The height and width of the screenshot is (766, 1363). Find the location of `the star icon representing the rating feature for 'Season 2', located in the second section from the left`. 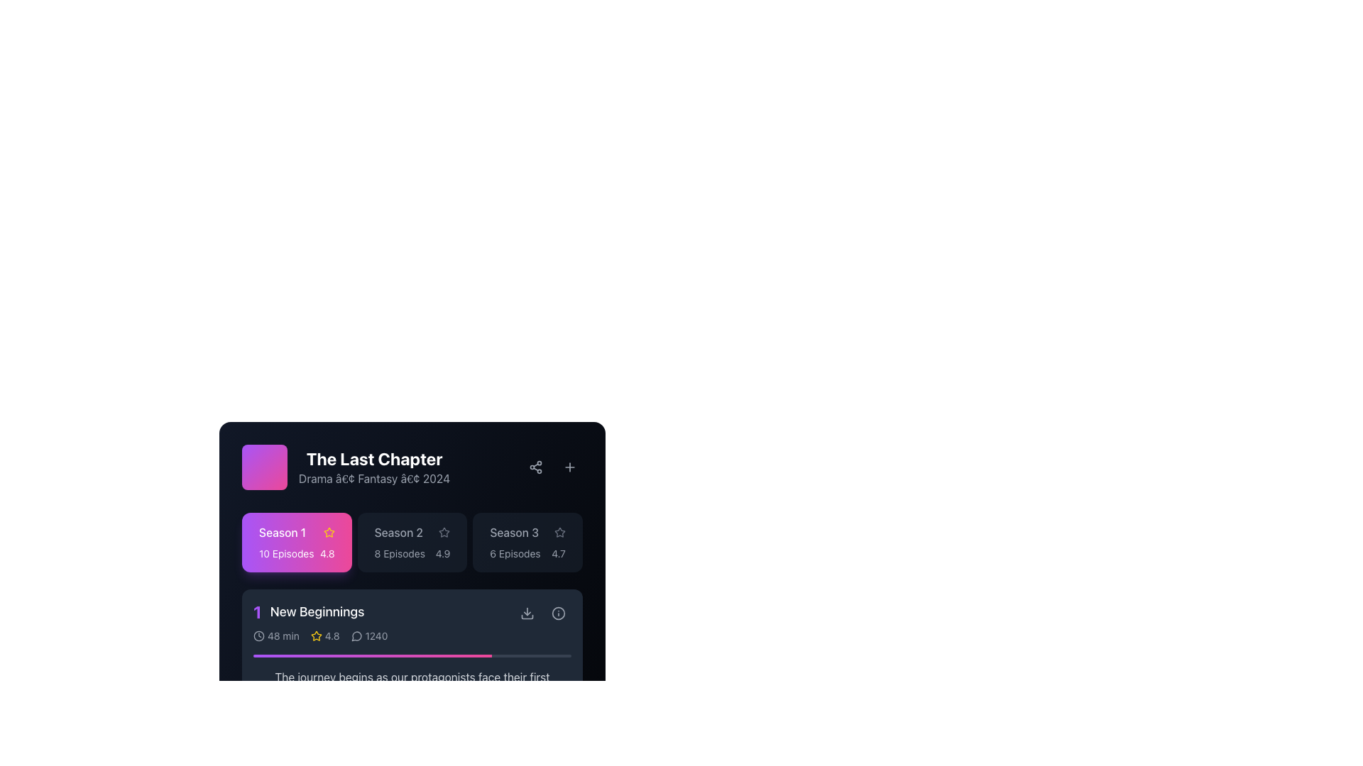

the star icon representing the rating feature for 'Season 2', located in the second section from the left is located at coordinates (444, 533).